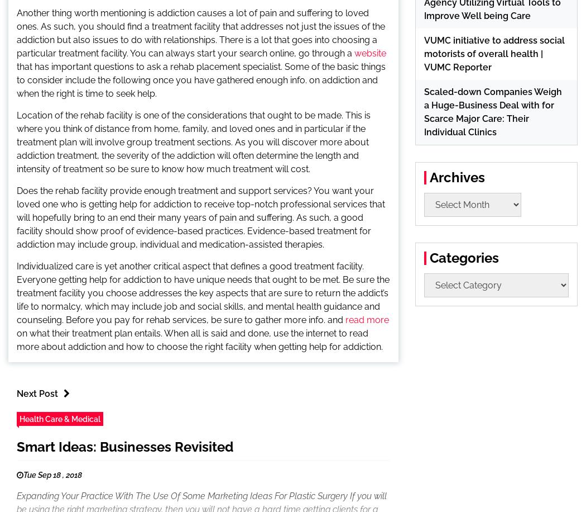 The image size is (586, 512). What do you see at coordinates (200, 217) in the screenshot?
I see `'Does the rehab facility provide enough treatment and support services? You want your loved one who is getting help for addiction to receive top-notch professional services that will hopefully bring to an end their many years of pain and suffering. As such, a good facility should show proof of evidence-based practices. Evidence-based treatment for addiction may include group, individual and medication-assisted therapies.'` at bounding box center [200, 217].